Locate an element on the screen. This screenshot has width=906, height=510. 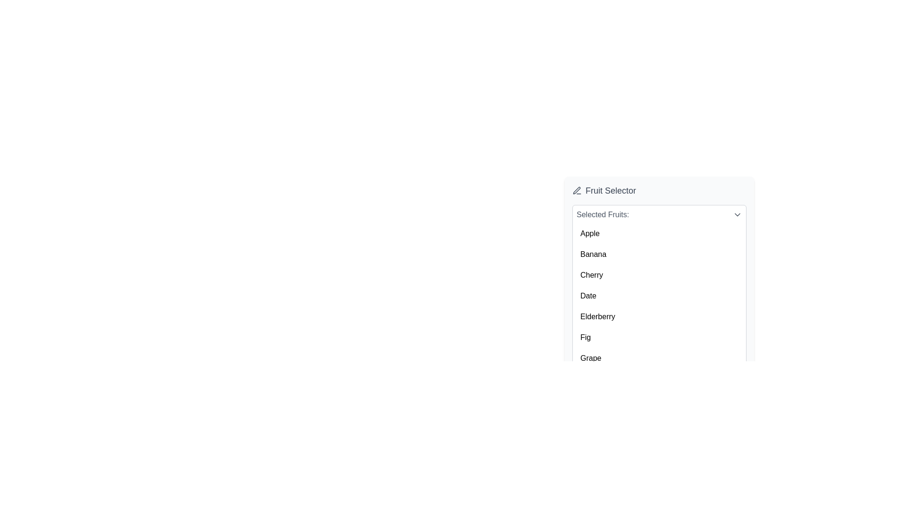
an item from the fruit list in the dropdown-like interface located under the 'Fruit Selector' element in the upper right section of the interface is located at coordinates (659, 263).